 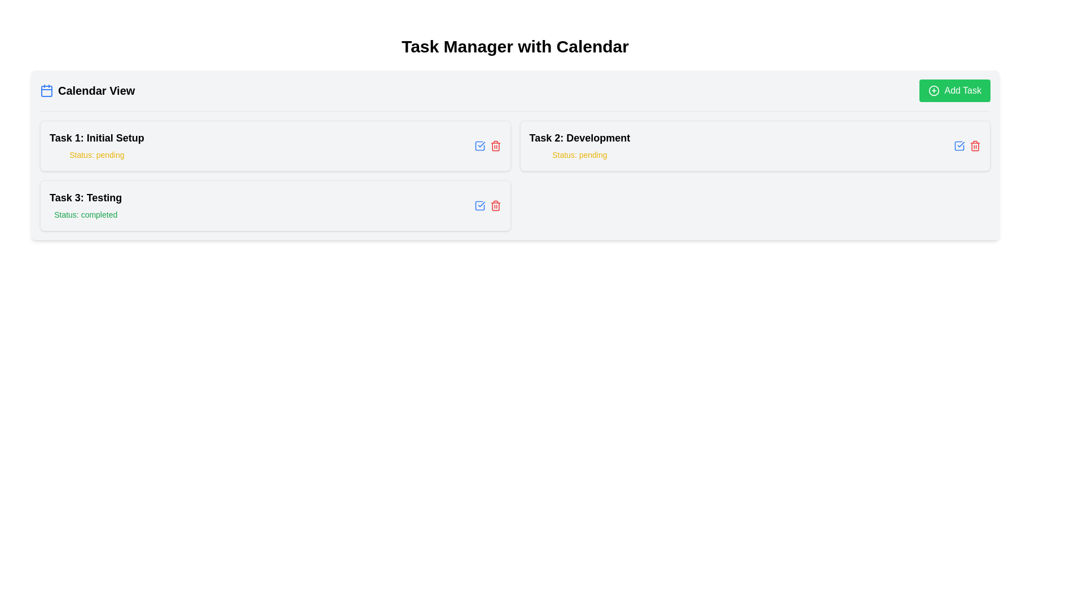 I want to click on the text label displaying 'Status: completed' in a green font, located within the third task card labeled 'Task 3: Testing', so click(x=85, y=215).